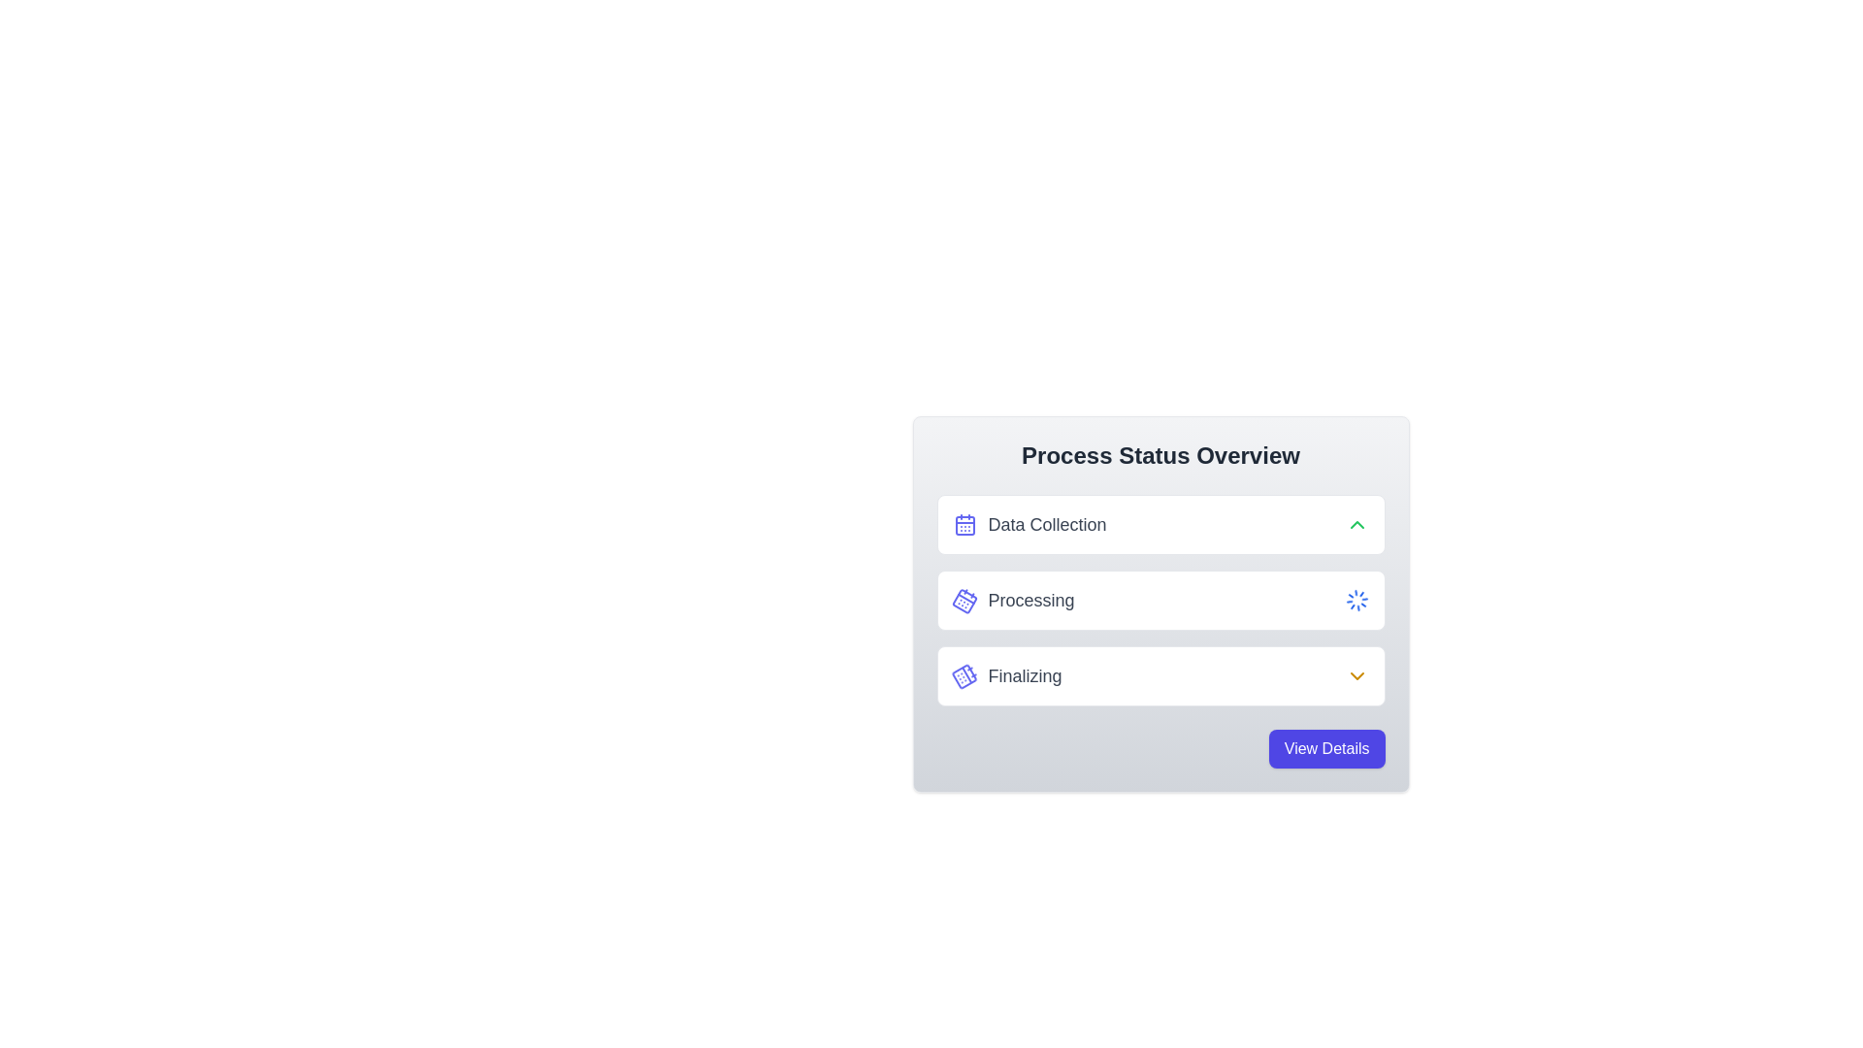 The image size is (1863, 1048). I want to click on the yellow chevron-down icon located to the right of the 'Finalizing' text in the 'Process Status Overview' section, so click(1356, 675).